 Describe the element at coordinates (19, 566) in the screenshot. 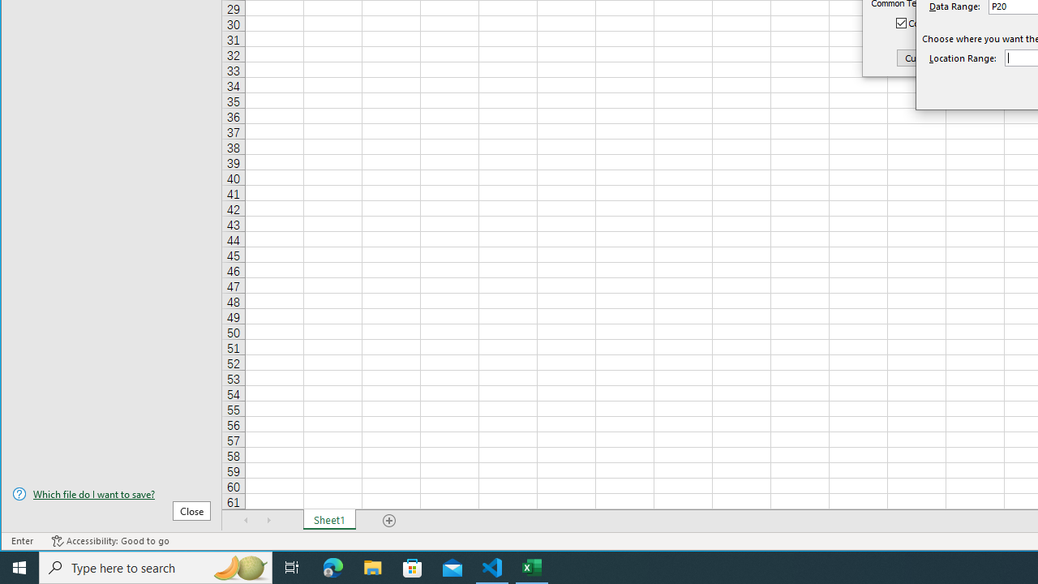

I see `'Start'` at that location.